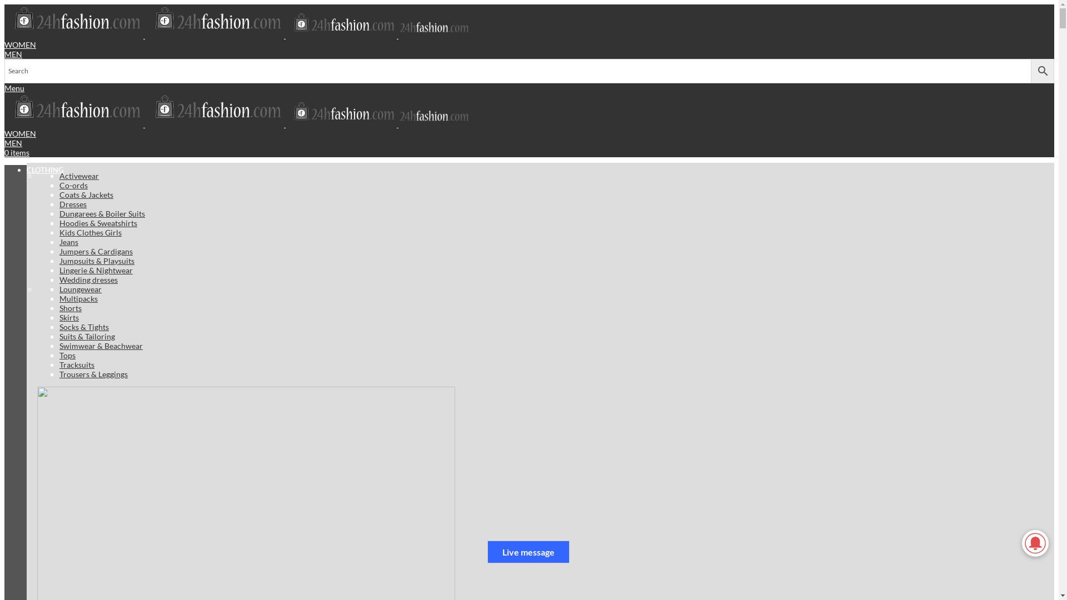 The image size is (1067, 600). I want to click on 'Lingerie & Nightwear', so click(96, 270).